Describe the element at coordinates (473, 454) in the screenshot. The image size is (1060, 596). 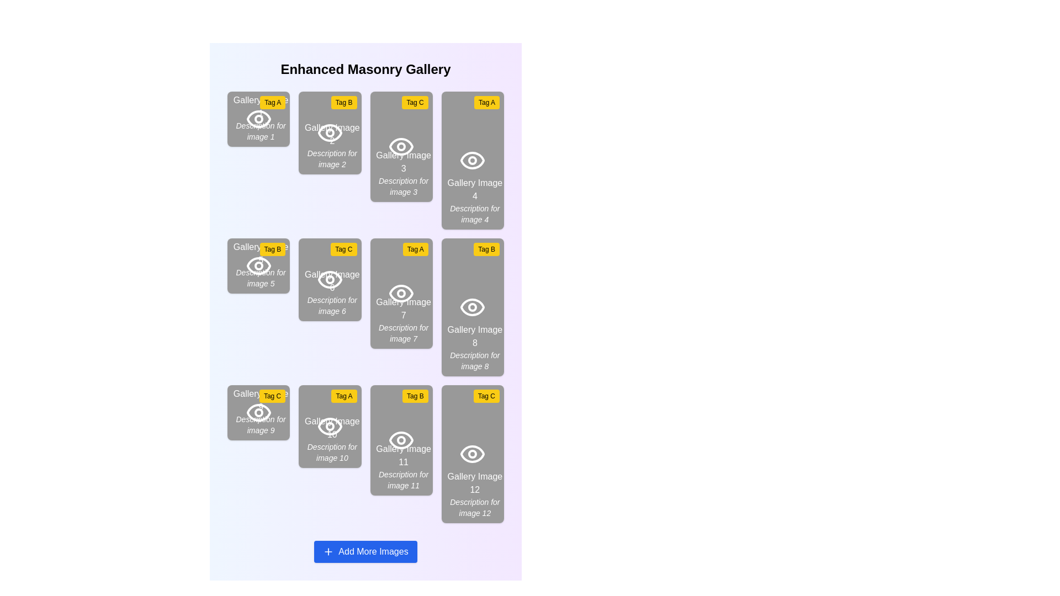
I see `the eye icon located in the card labeled 'Gallery Image 12', which is positioned in the last row and last column of the gallery layout` at that location.